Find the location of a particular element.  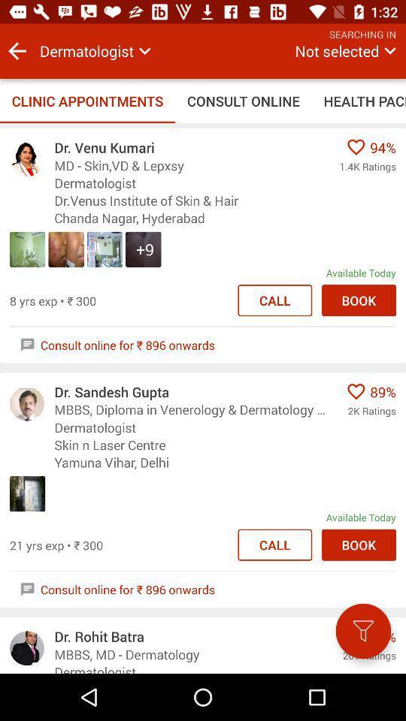

filter option is located at coordinates (362, 631).